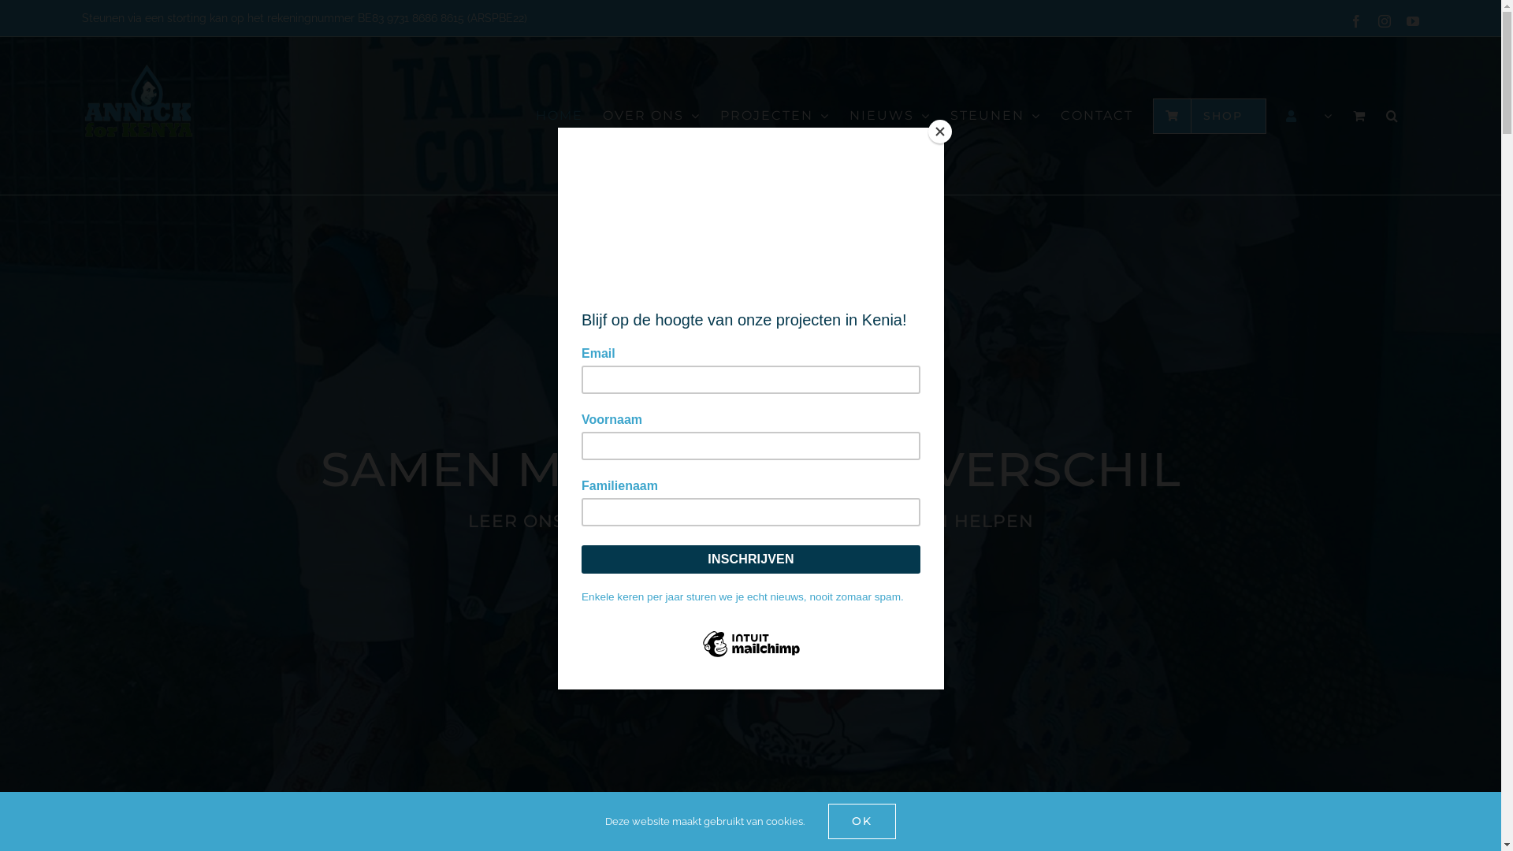  Describe the element at coordinates (559, 114) in the screenshot. I see `'HOME'` at that location.